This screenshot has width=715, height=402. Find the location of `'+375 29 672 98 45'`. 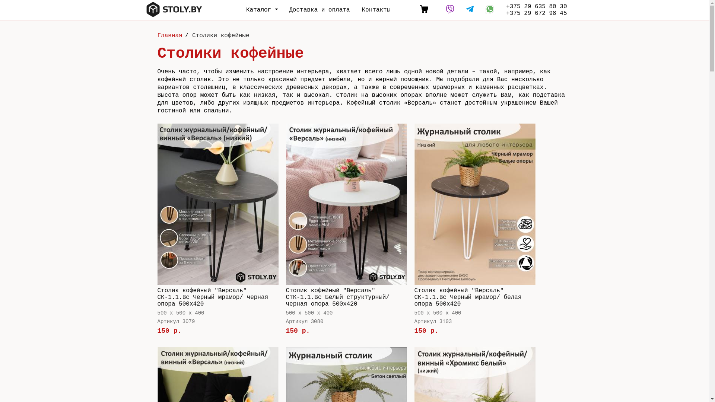

'+375 29 672 98 45' is located at coordinates (506, 13).